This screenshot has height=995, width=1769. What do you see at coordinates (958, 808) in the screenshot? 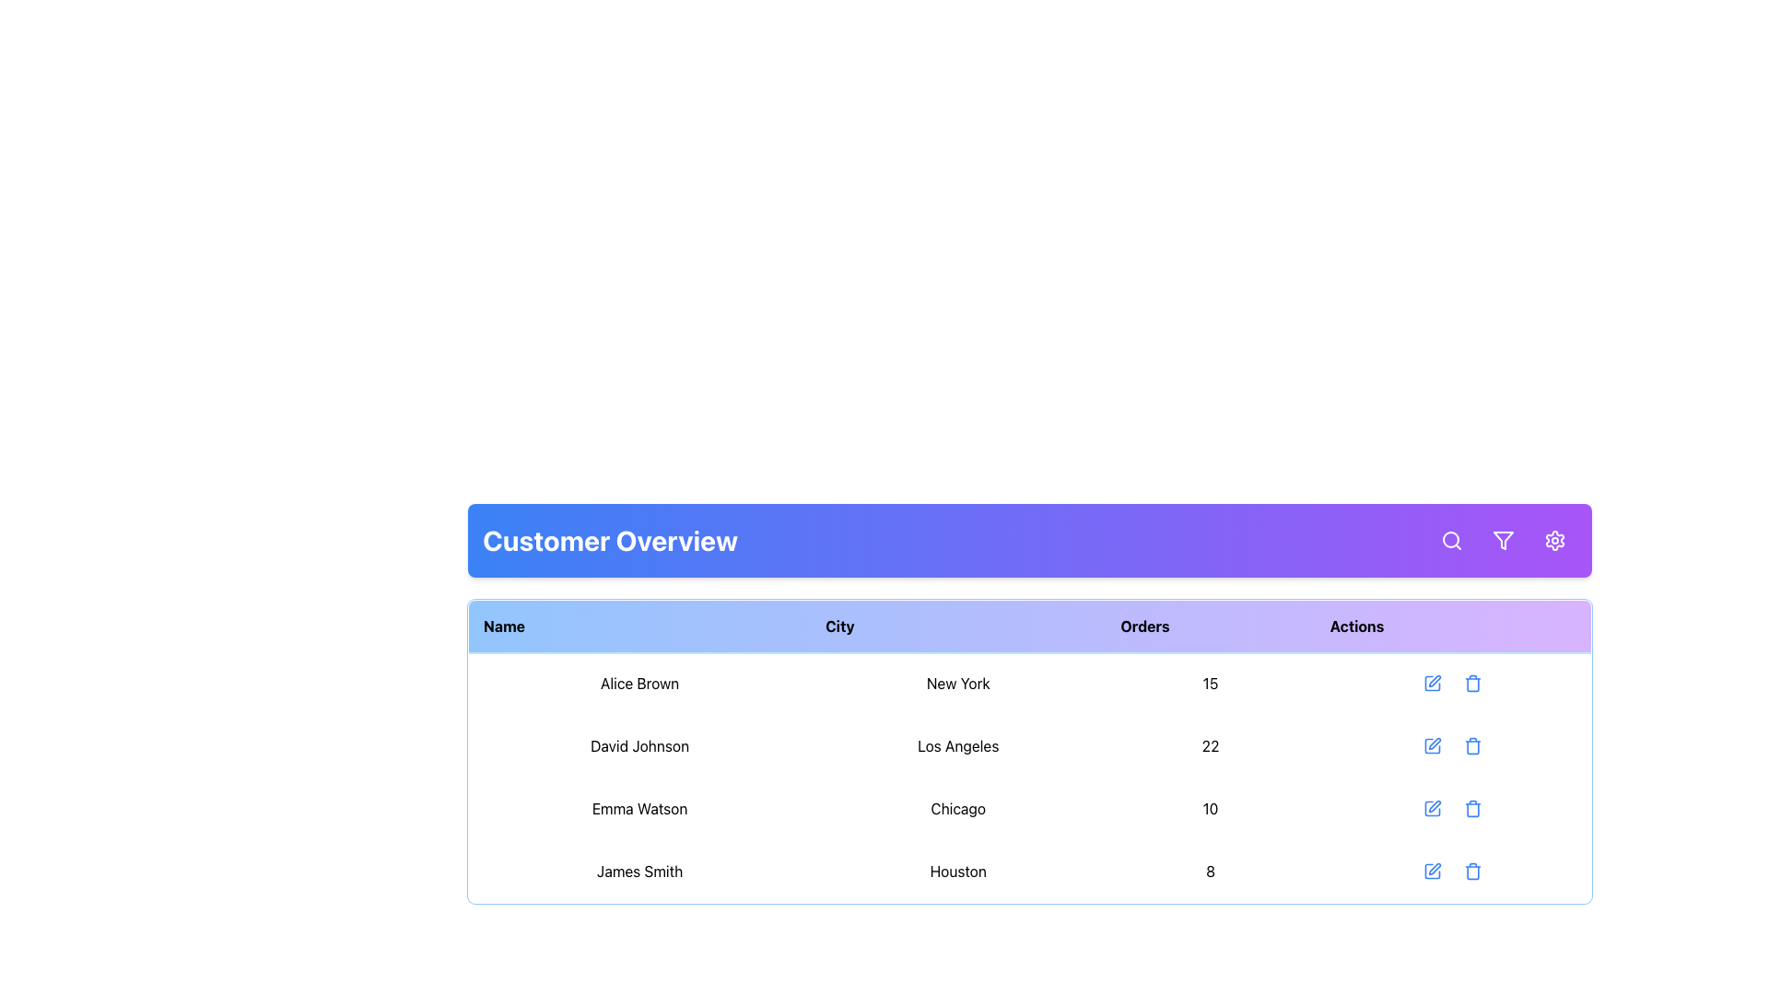
I see `text label indicating the city name associated with 'Emma Watson' in the customer overview table, located in the second column under the 'City' header` at bounding box center [958, 808].